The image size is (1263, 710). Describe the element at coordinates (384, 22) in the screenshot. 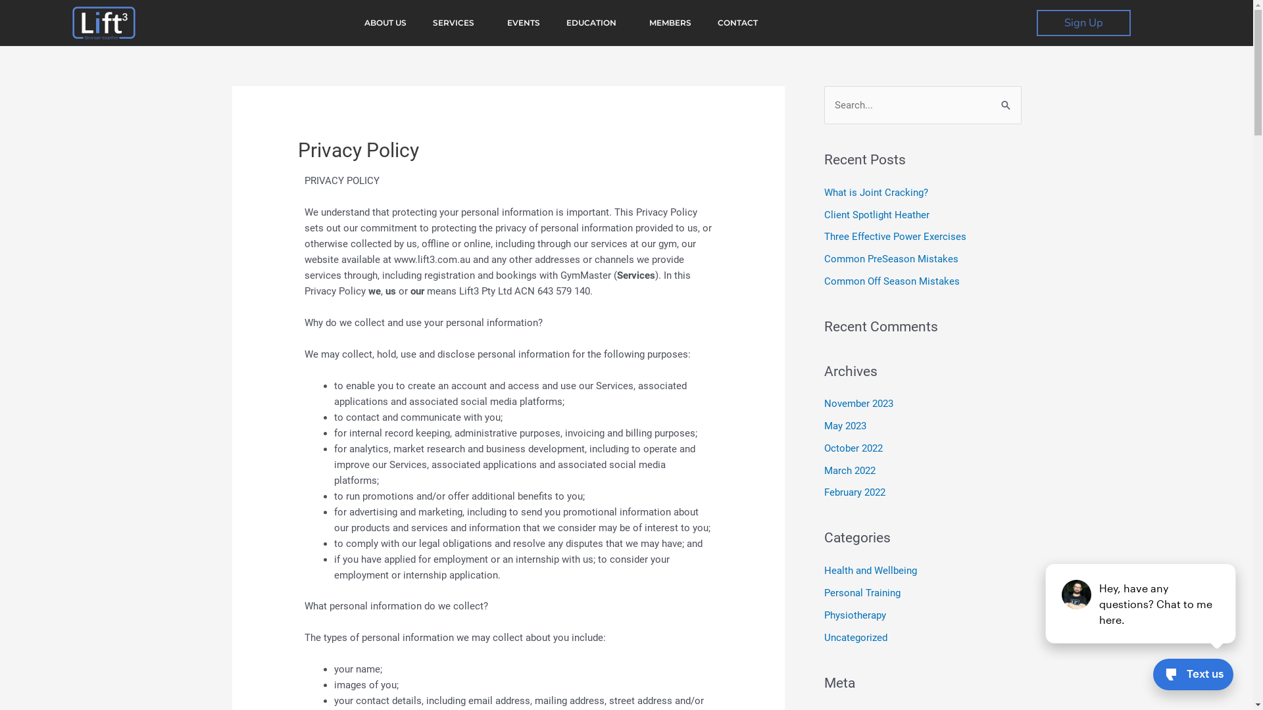

I see `'ABOUT US'` at that location.